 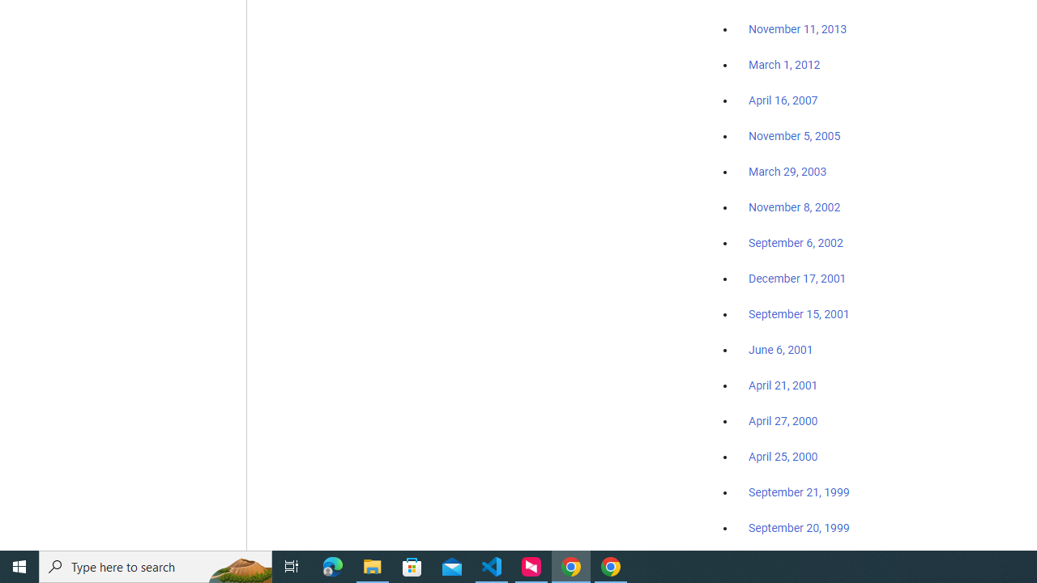 What do you see at coordinates (799, 492) in the screenshot?
I see `'September 21, 1999'` at bounding box center [799, 492].